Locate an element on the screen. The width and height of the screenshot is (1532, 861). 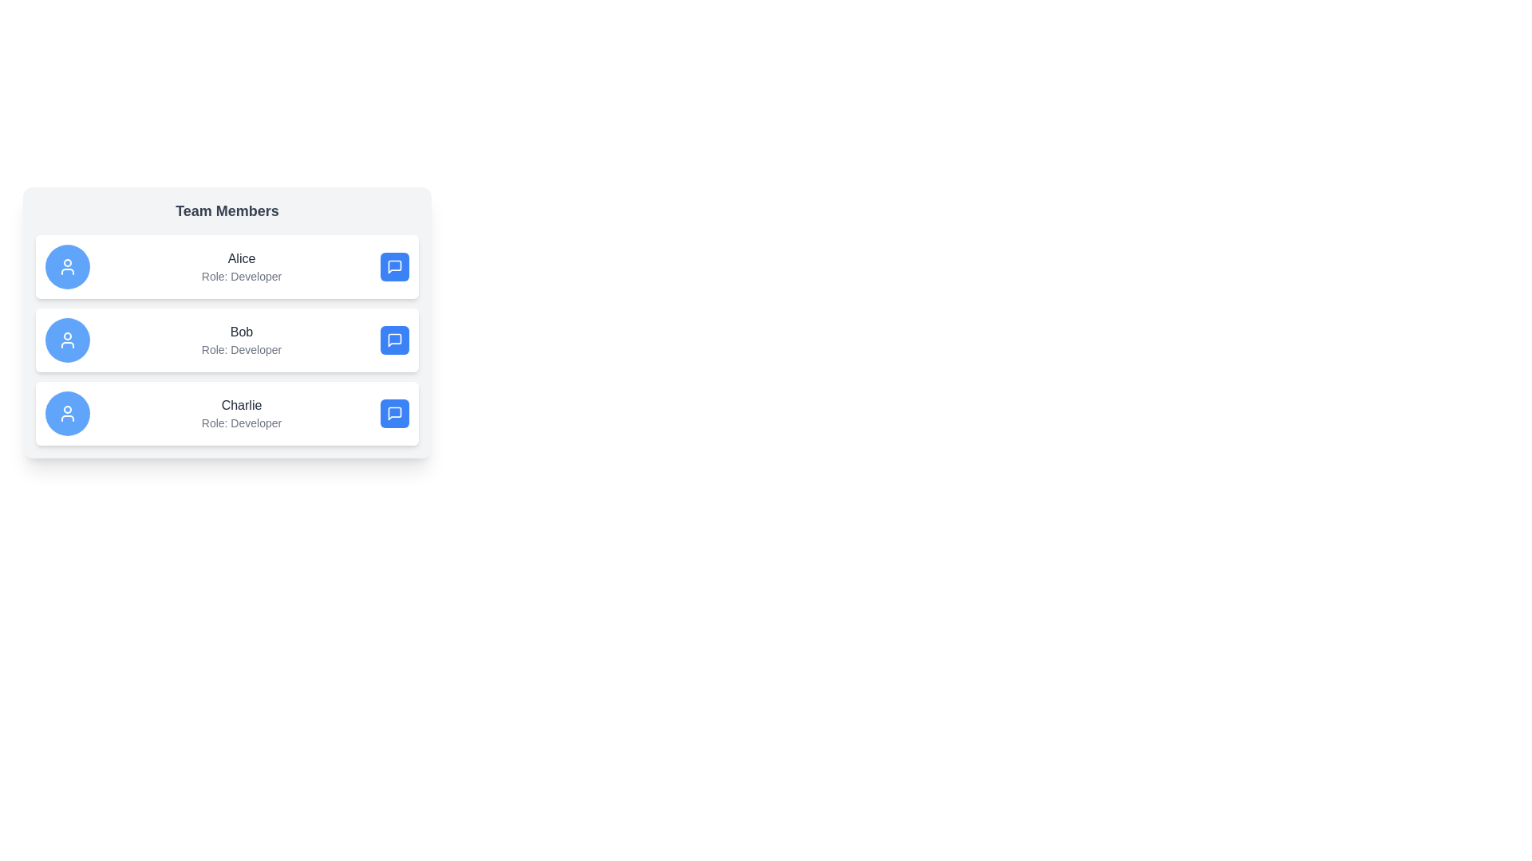
the button associated with user 'Charlie' in the third row of the 'Team Members' list to initiate an action is located at coordinates (394, 413).